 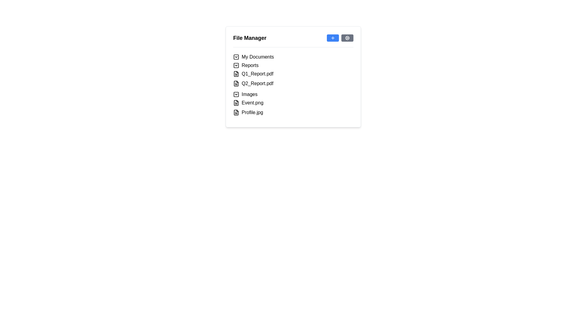 I want to click on the file entry 'Q1_Report.pdf', so click(x=293, y=74).